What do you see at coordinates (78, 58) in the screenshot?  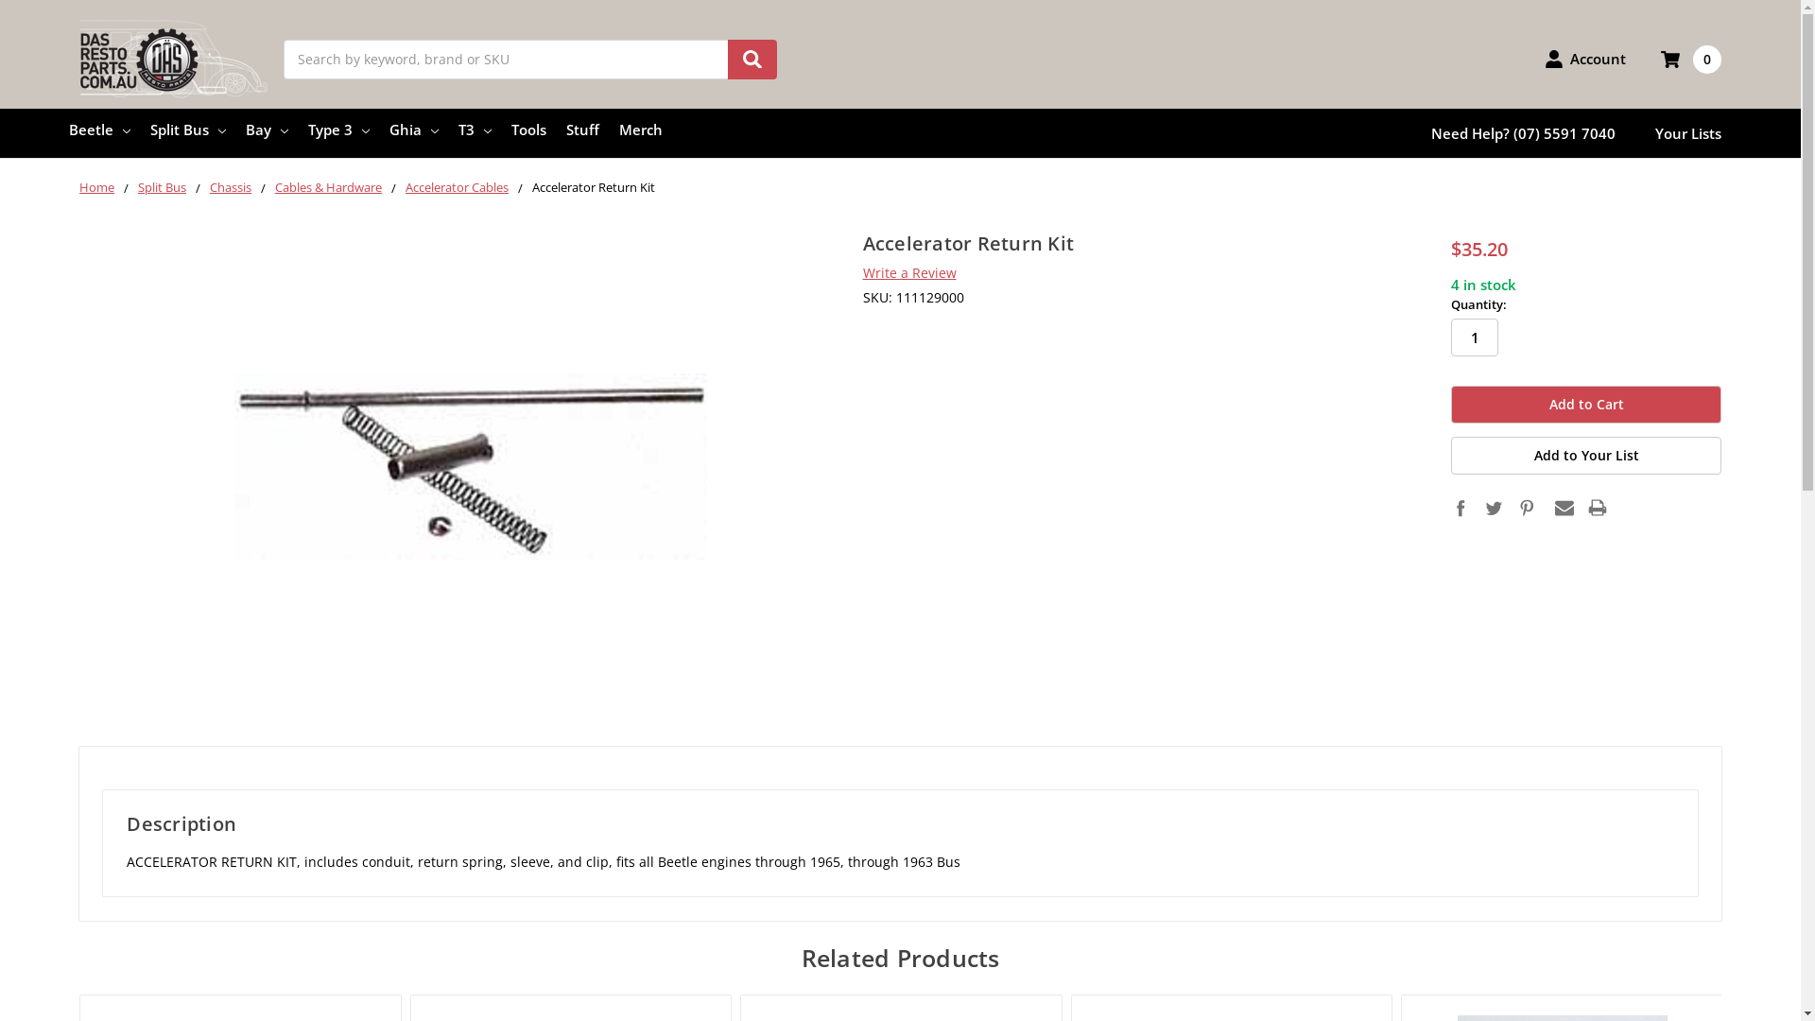 I see `'Das Resto Parts'` at bounding box center [78, 58].